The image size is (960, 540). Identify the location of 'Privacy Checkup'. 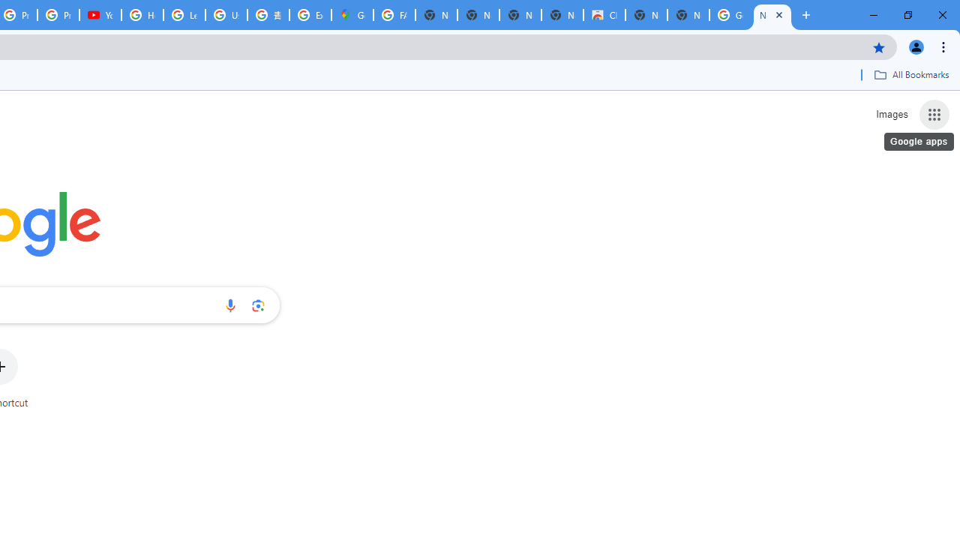
(58, 15).